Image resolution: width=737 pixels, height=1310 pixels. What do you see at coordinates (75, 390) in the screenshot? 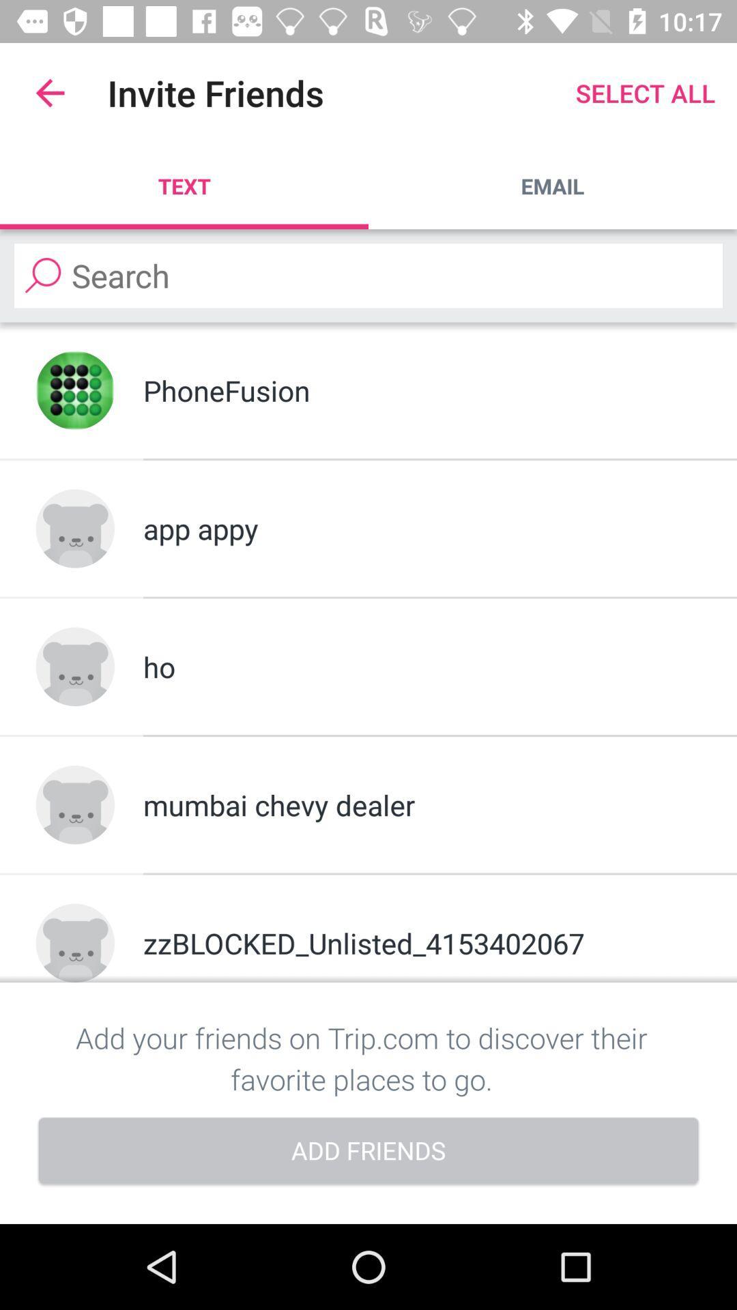
I see `the icon below the search bar` at bounding box center [75, 390].